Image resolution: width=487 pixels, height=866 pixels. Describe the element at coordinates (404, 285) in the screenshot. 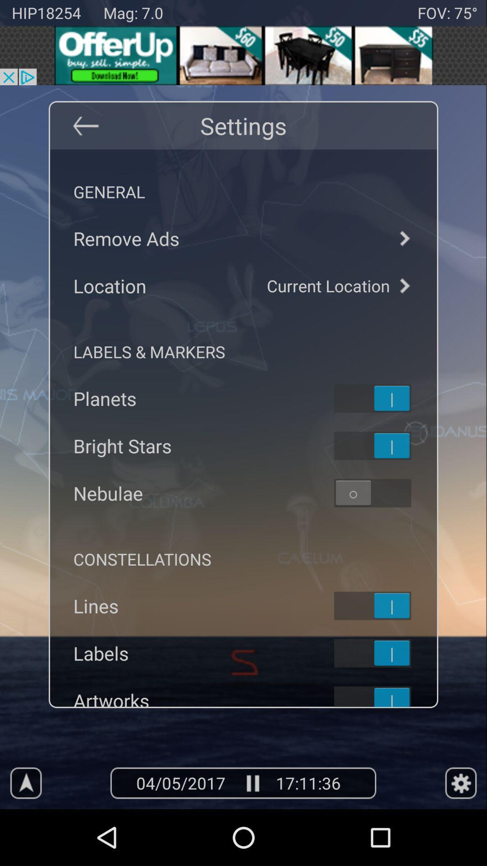

I see `next` at that location.